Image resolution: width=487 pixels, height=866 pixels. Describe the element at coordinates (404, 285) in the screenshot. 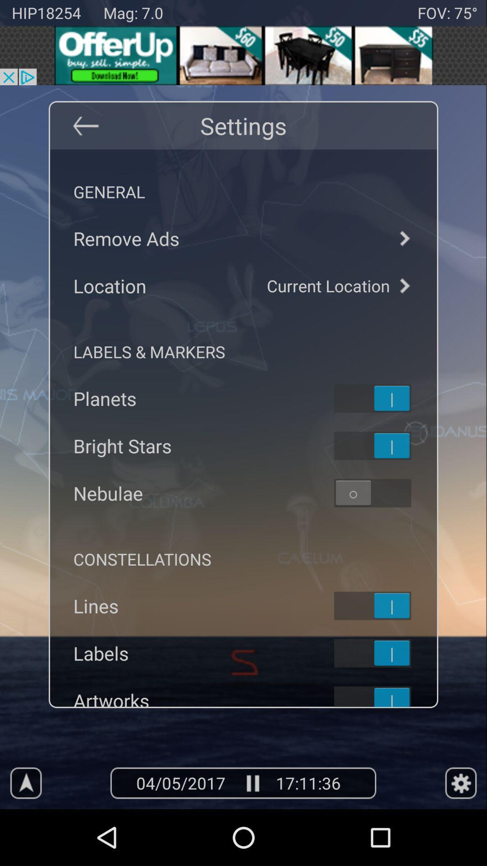

I see `next` at that location.